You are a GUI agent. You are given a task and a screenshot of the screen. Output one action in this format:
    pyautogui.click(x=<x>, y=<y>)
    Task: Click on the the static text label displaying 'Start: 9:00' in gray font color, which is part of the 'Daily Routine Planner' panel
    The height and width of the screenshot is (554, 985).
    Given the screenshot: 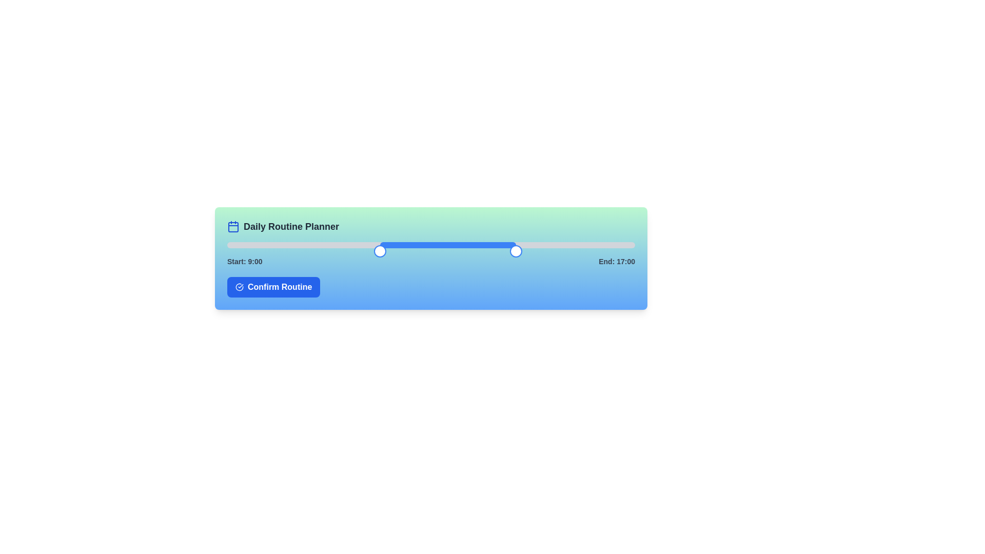 What is the action you would take?
    pyautogui.click(x=244, y=261)
    